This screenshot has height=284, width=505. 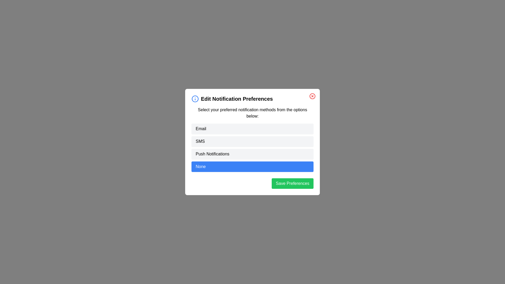 I want to click on 'Save Preferences' button to save the selected notification preference, so click(x=292, y=183).